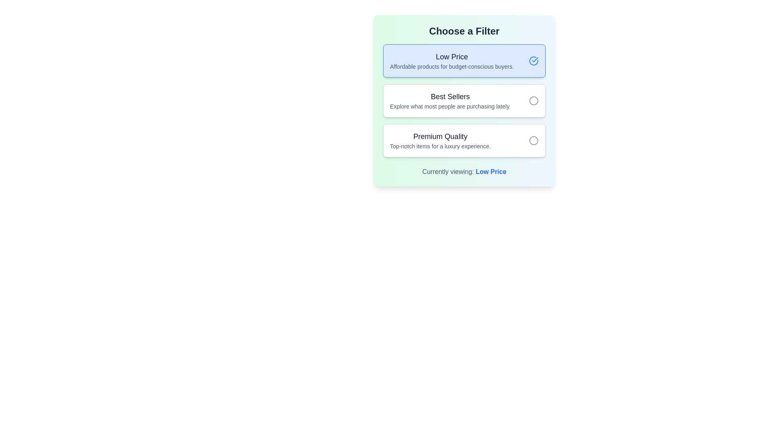 This screenshot has height=439, width=780. Describe the element at coordinates (534, 140) in the screenshot. I see `the Circle icon (SVG) associated with the 'Premium Quality' filter option, which is positioned to the right of the 'Premium Quality' text in the third filter option card` at that location.